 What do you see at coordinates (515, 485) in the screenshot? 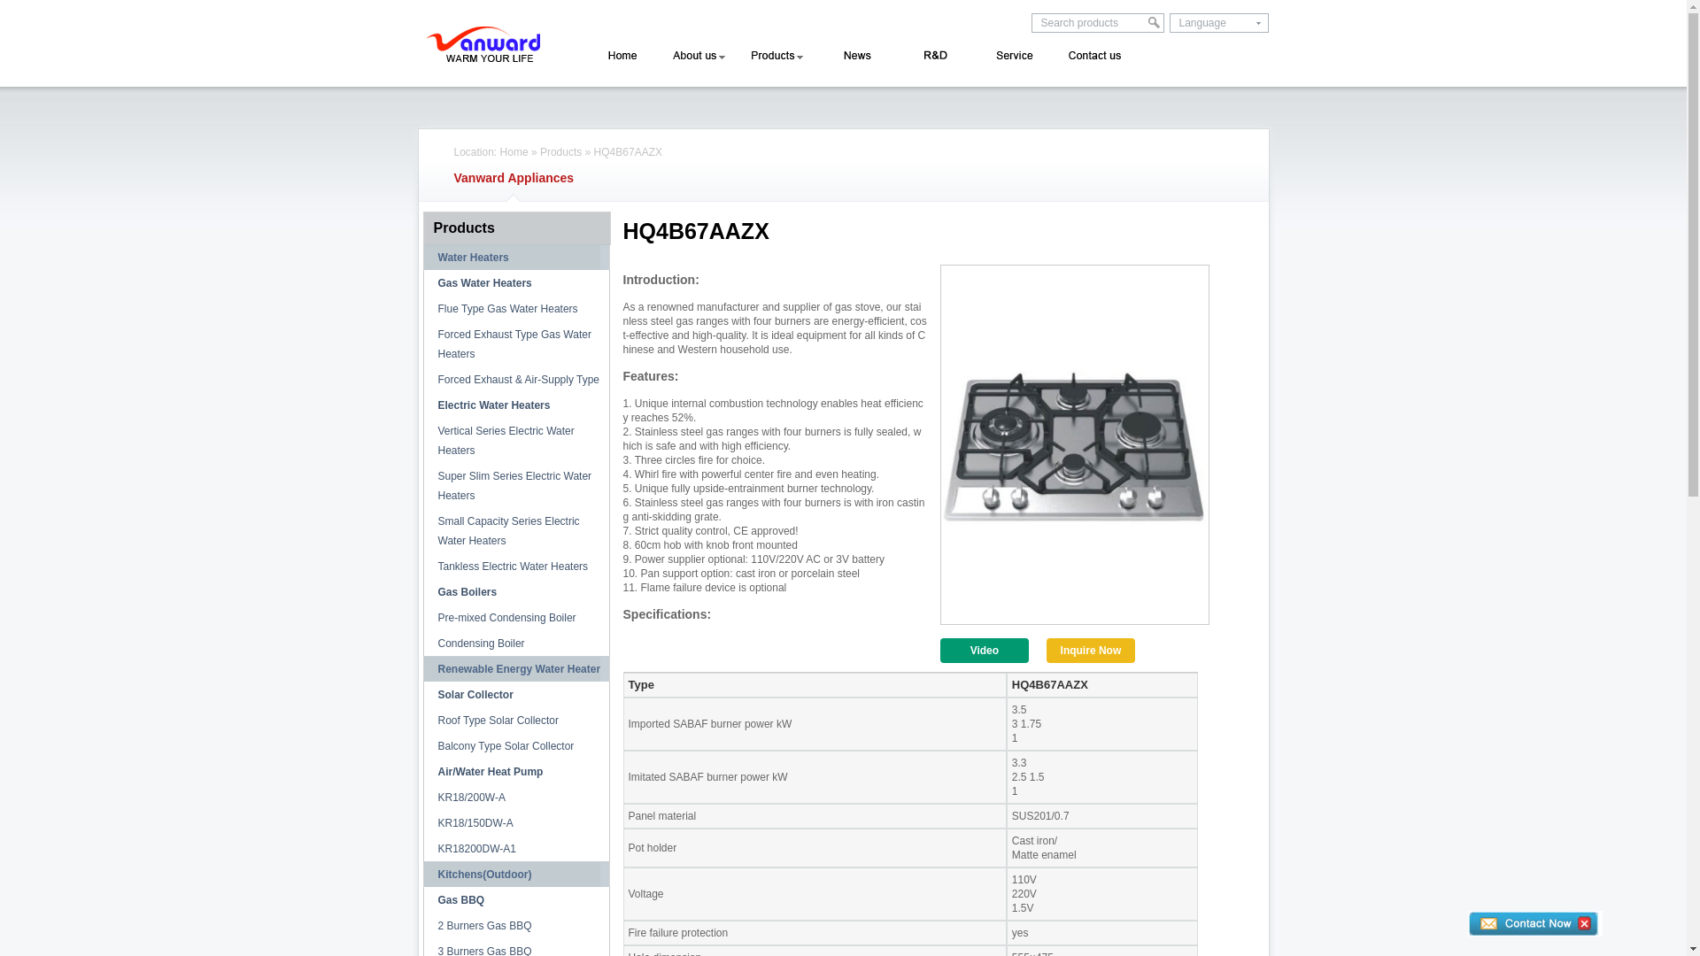
I see `'Super Slim Series Electric Water Heaters'` at bounding box center [515, 485].